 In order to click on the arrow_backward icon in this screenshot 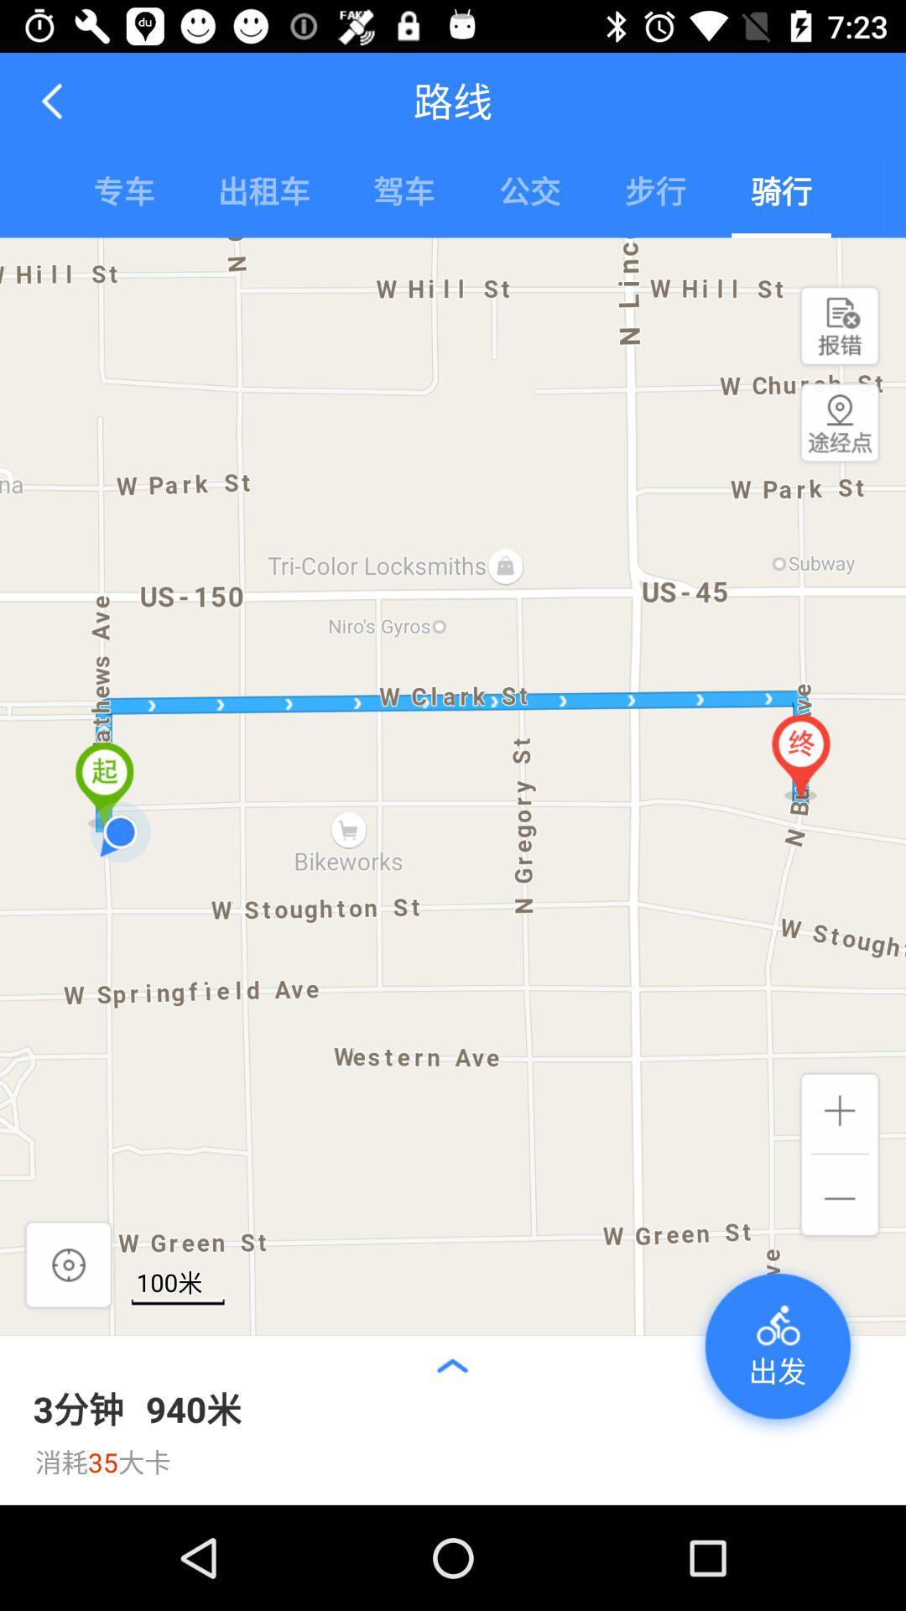, I will do `click(53, 100)`.